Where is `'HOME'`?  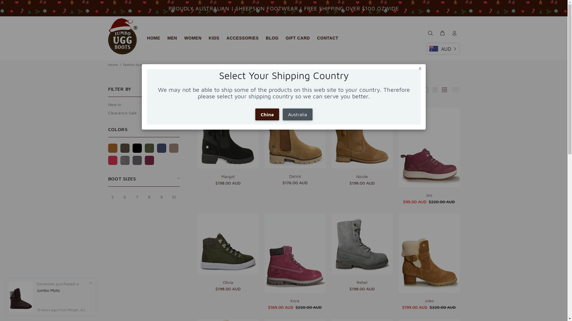 'HOME' is located at coordinates (143, 38).